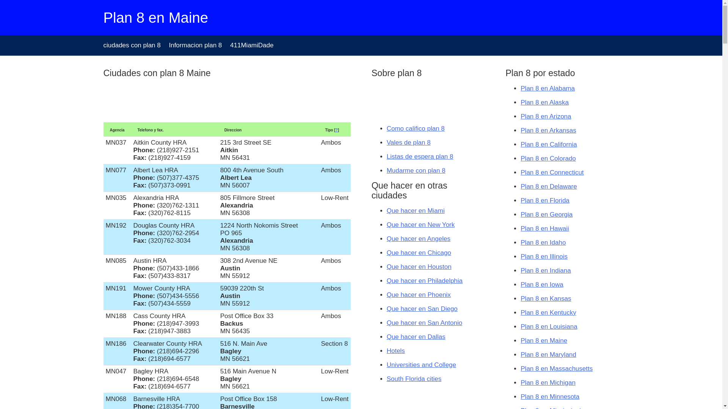  I want to click on 'Plan 8 en Alabama', so click(548, 88).